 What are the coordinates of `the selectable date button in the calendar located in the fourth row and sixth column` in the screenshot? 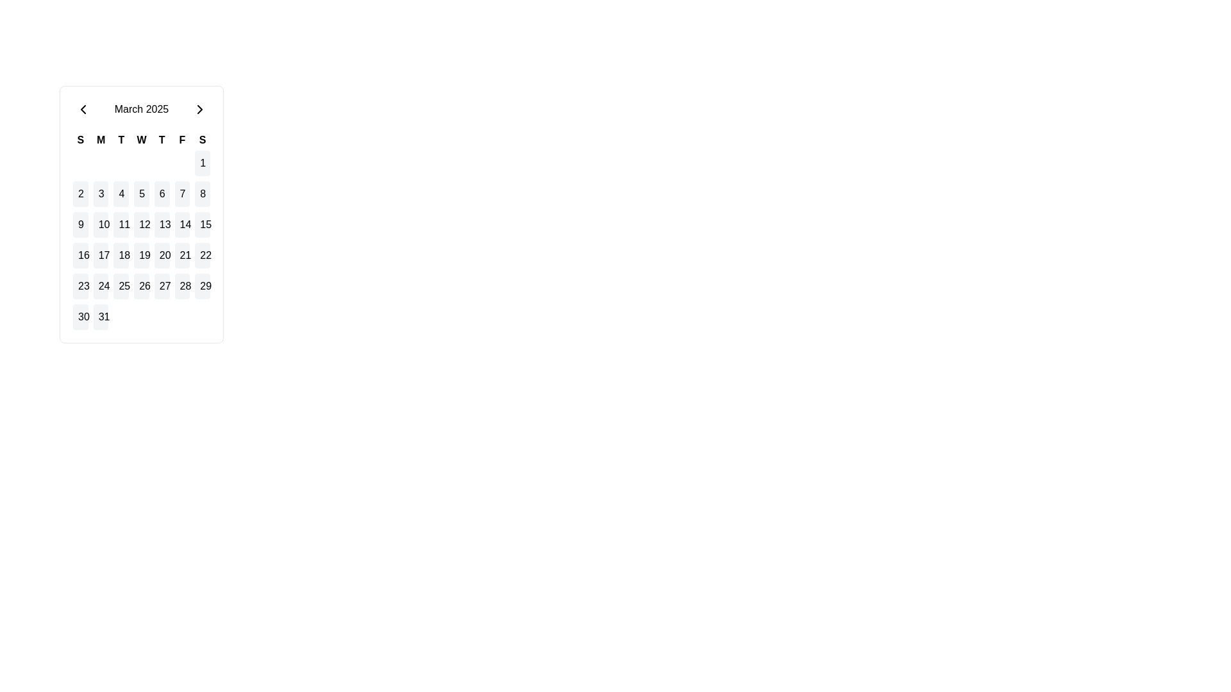 It's located at (181, 255).